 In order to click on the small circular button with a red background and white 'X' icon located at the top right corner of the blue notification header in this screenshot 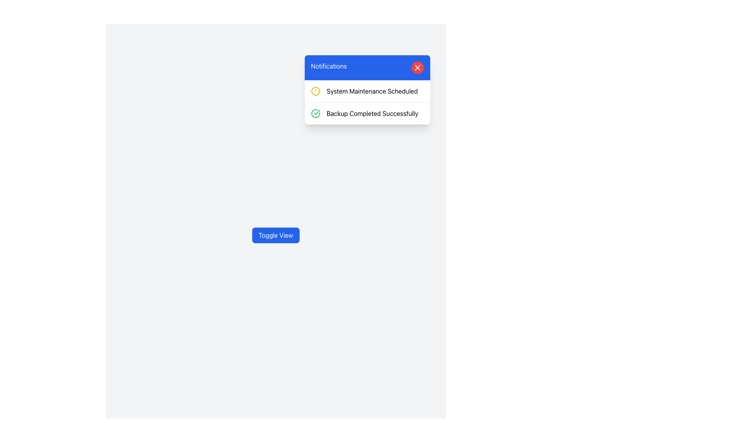, I will do `click(417, 67)`.